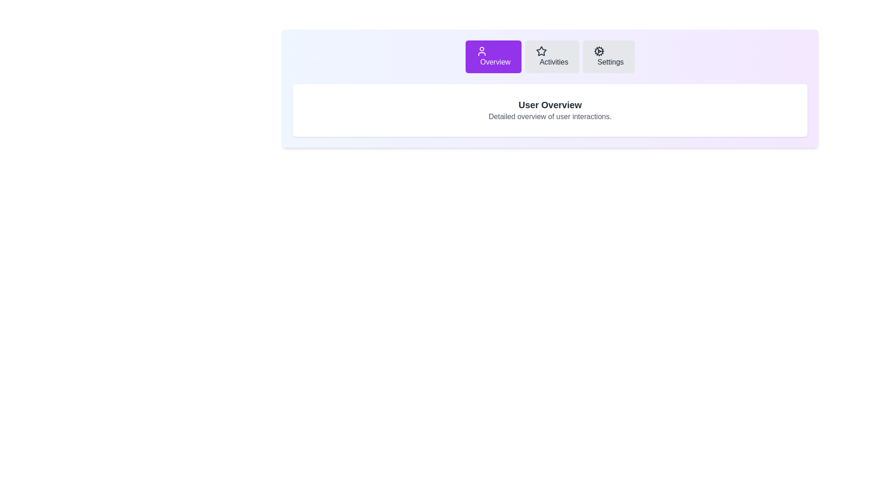  What do you see at coordinates (549, 110) in the screenshot?
I see `the informational Text display located prominently in a distinct card below the navigation tabs titled 'Overview,' 'Activities,' and 'Settings.'` at bounding box center [549, 110].